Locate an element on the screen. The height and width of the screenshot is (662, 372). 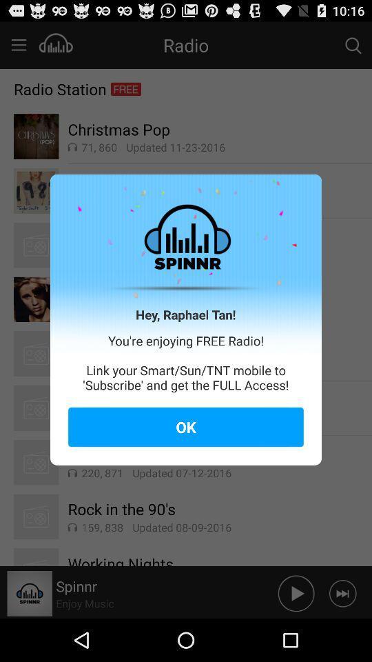
ok item is located at coordinates (186, 426).